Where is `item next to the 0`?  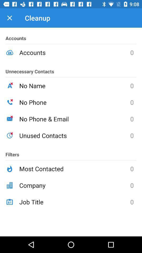
item next to the 0 is located at coordinates (74, 185).